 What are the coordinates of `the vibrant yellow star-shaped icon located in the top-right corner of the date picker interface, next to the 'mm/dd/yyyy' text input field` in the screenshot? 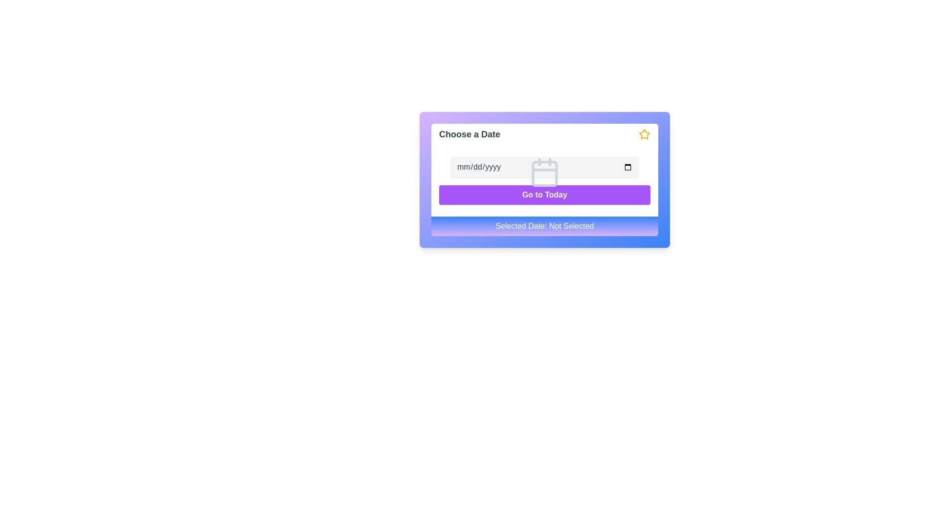 It's located at (645, 134).